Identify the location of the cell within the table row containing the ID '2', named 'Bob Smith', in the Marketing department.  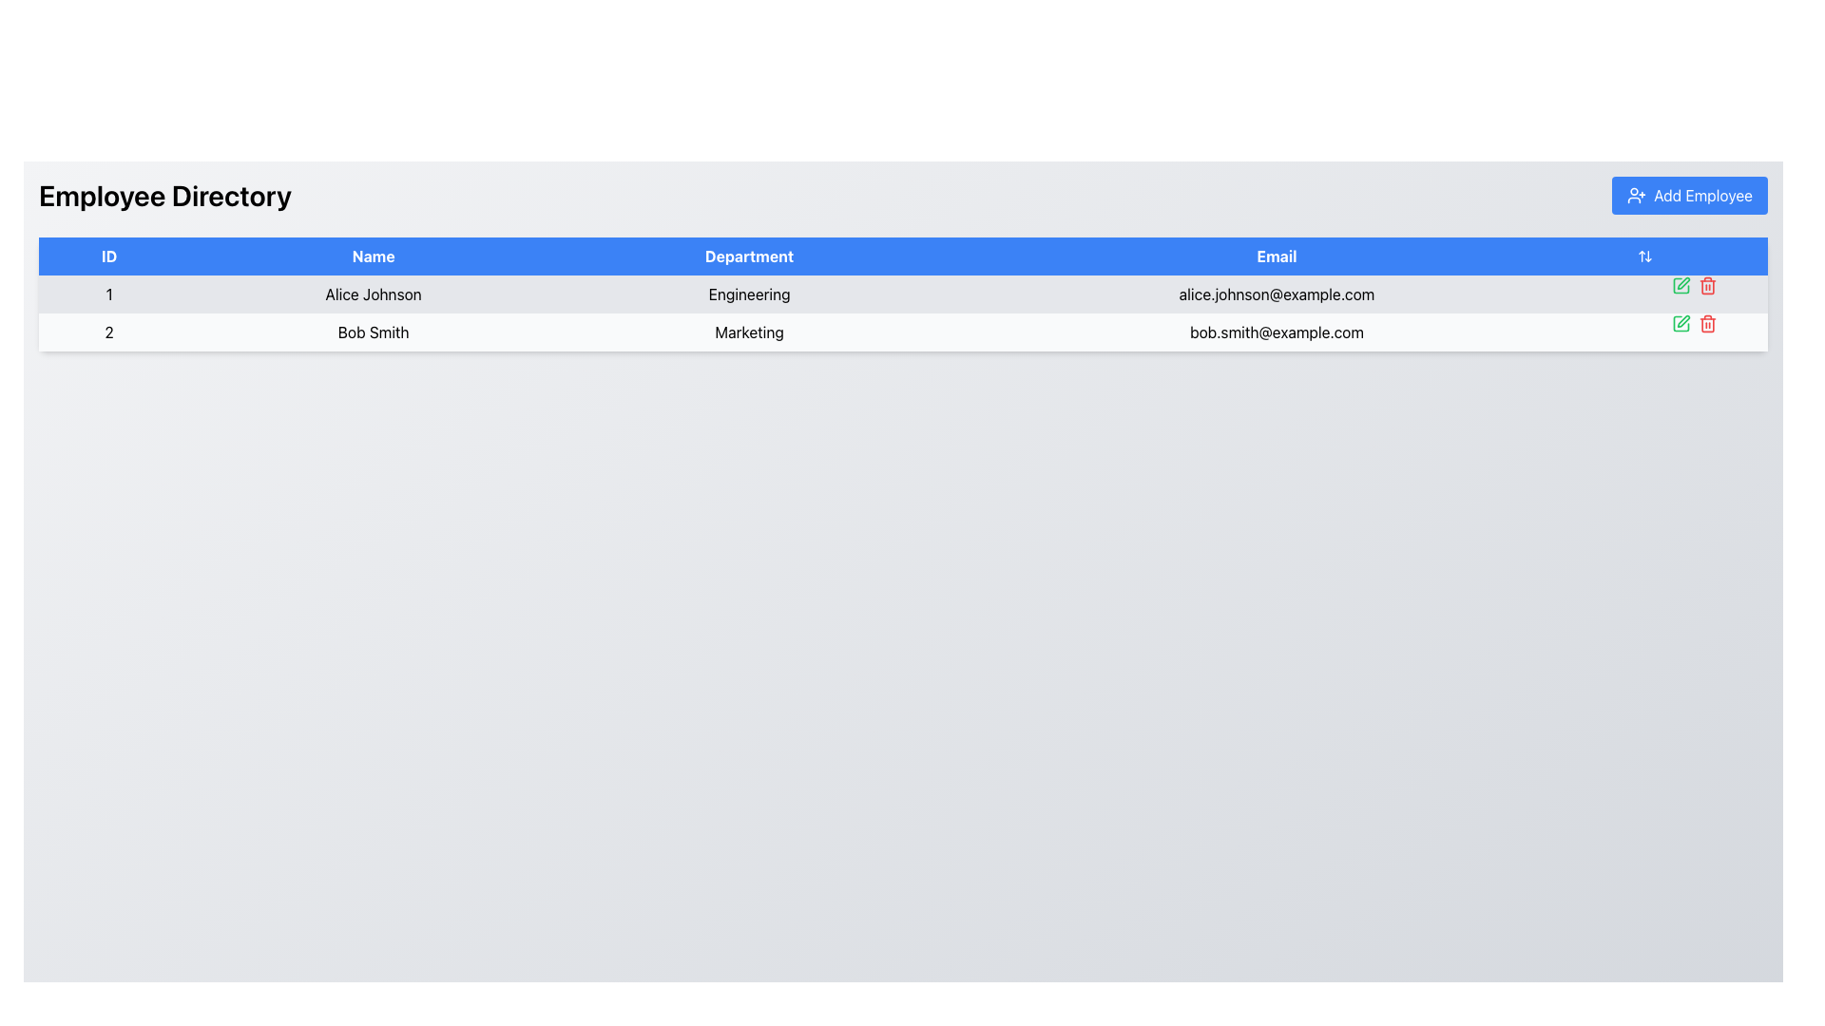
(902, 332).